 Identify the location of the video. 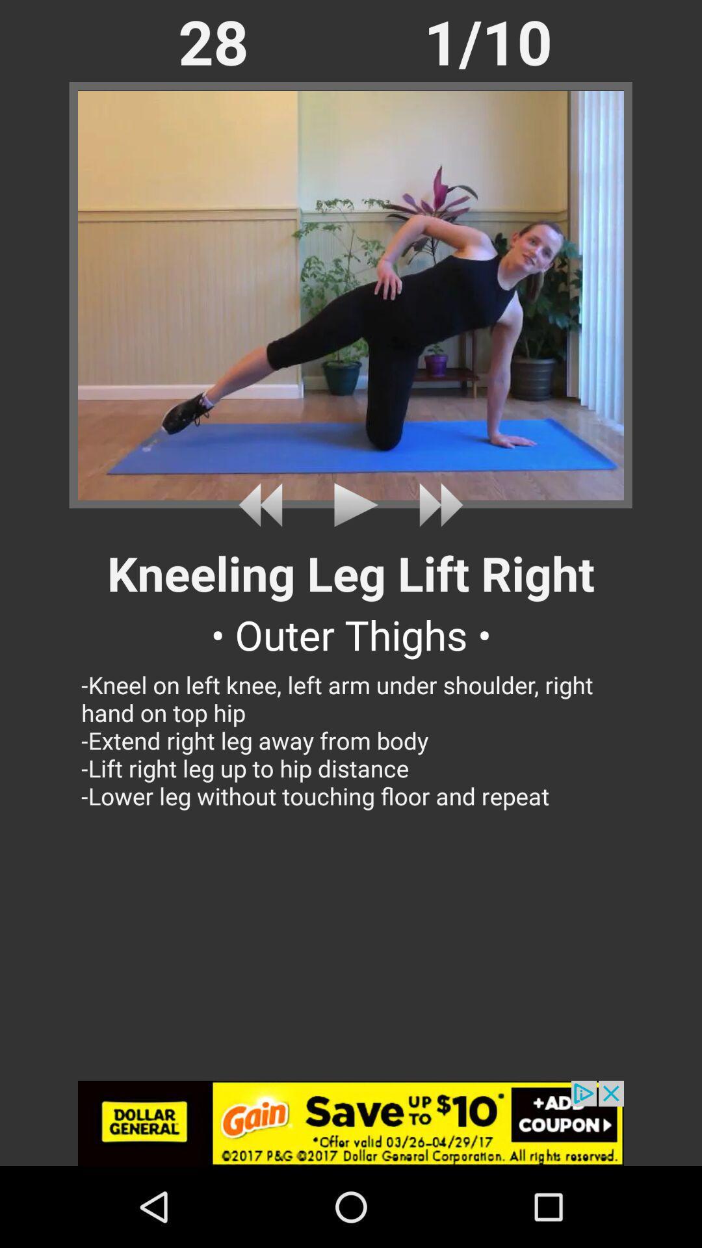
(351, 504).